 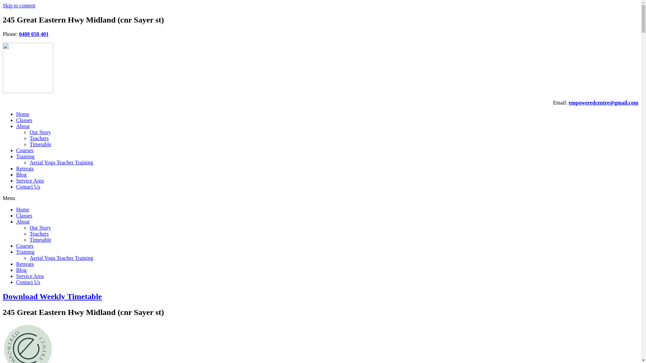 What do you see at coordinates (28, 282) in the screenshot?
I see `'Contact Us'` at bounding box center [28, 282].